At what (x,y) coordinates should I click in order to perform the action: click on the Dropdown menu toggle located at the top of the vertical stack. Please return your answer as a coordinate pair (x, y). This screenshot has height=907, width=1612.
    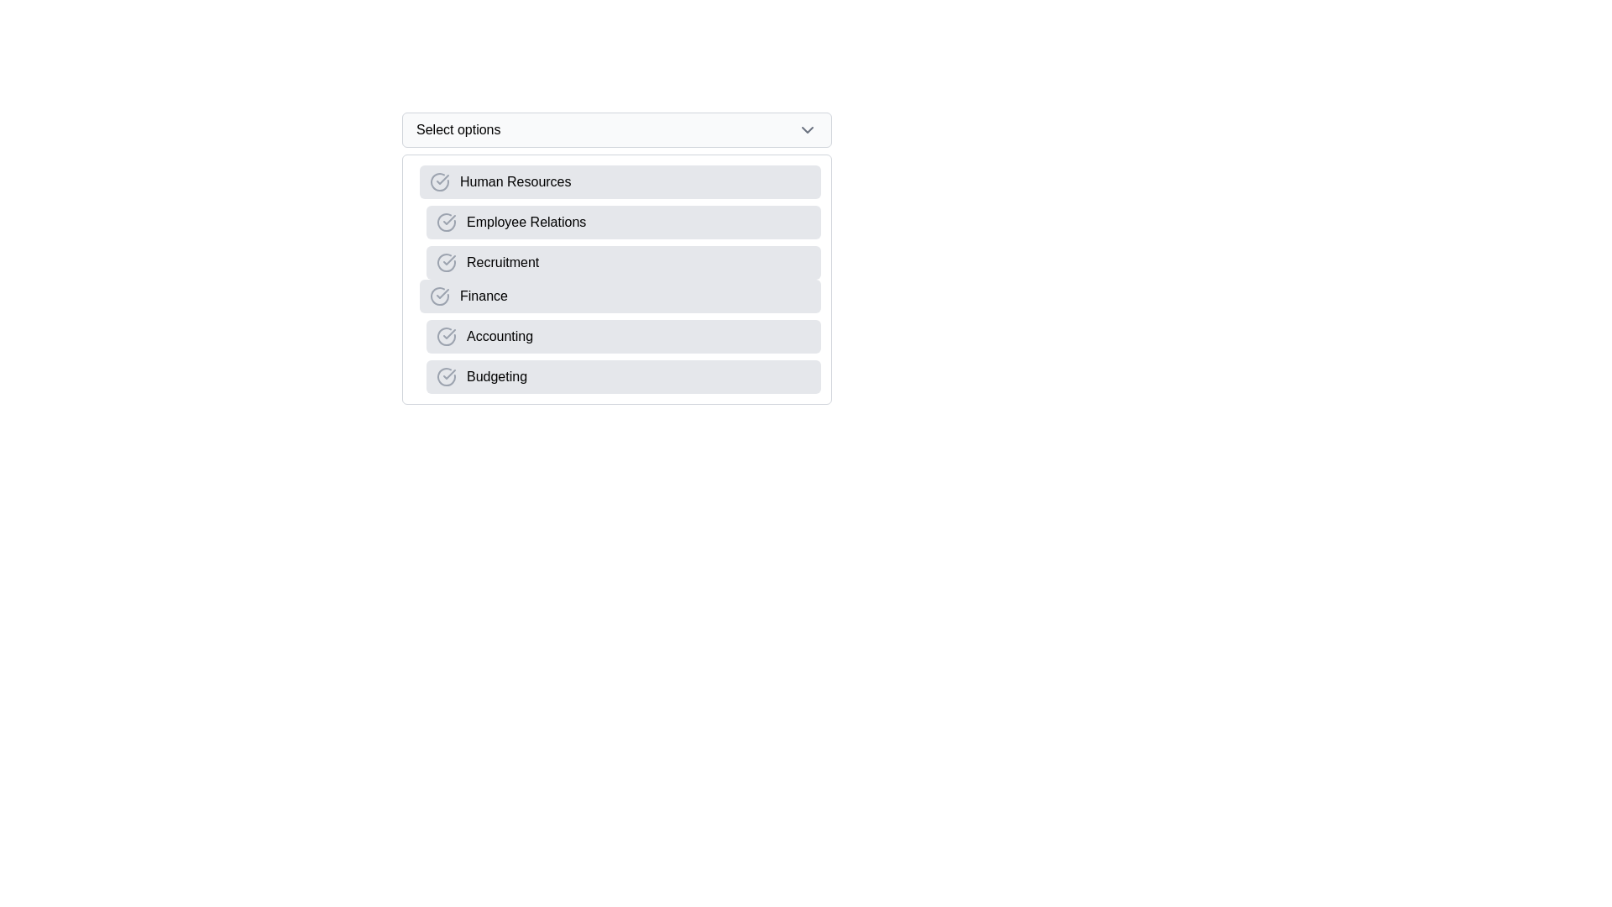
    Looking at the image, I should click on (615, 128).